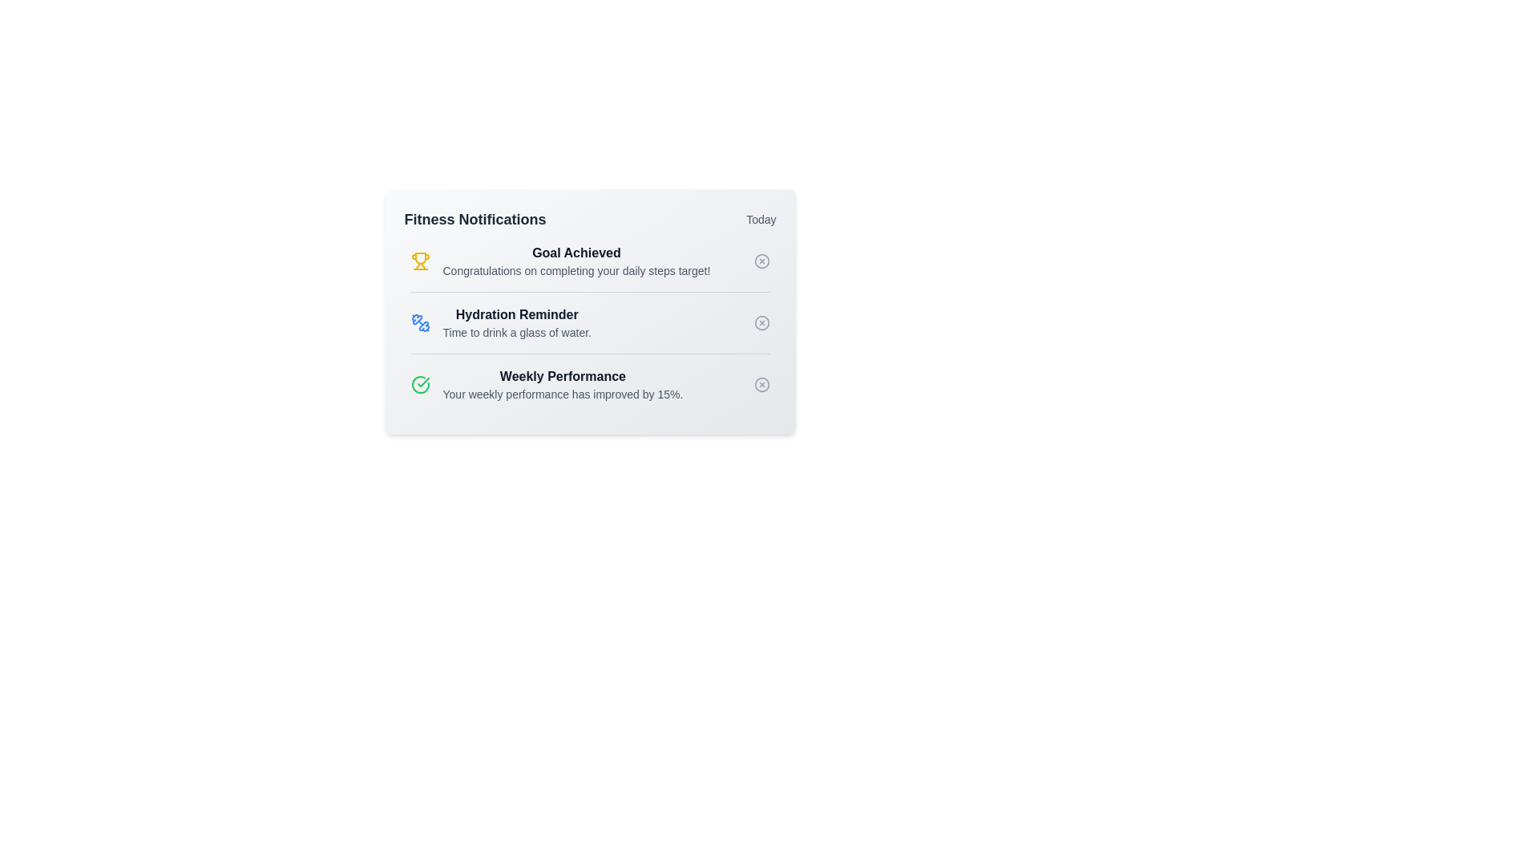 This screenshot has width=1539, height=866. I want to click on informational text snippet that says 'Time to drink a glass of water.' located below the 'Hydration Reminder' header in the second notification of the 'Fitness Notifications' card, so click(517, 332).